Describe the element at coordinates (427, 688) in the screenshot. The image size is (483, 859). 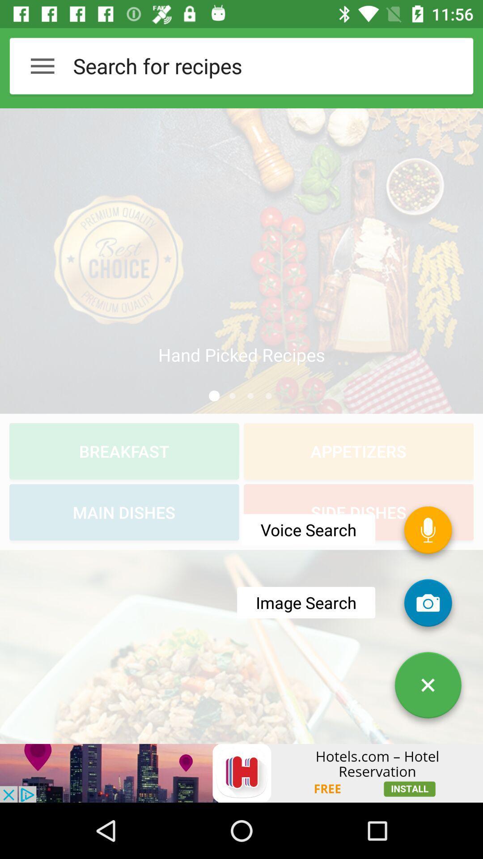
I see `the close icon` at that location.